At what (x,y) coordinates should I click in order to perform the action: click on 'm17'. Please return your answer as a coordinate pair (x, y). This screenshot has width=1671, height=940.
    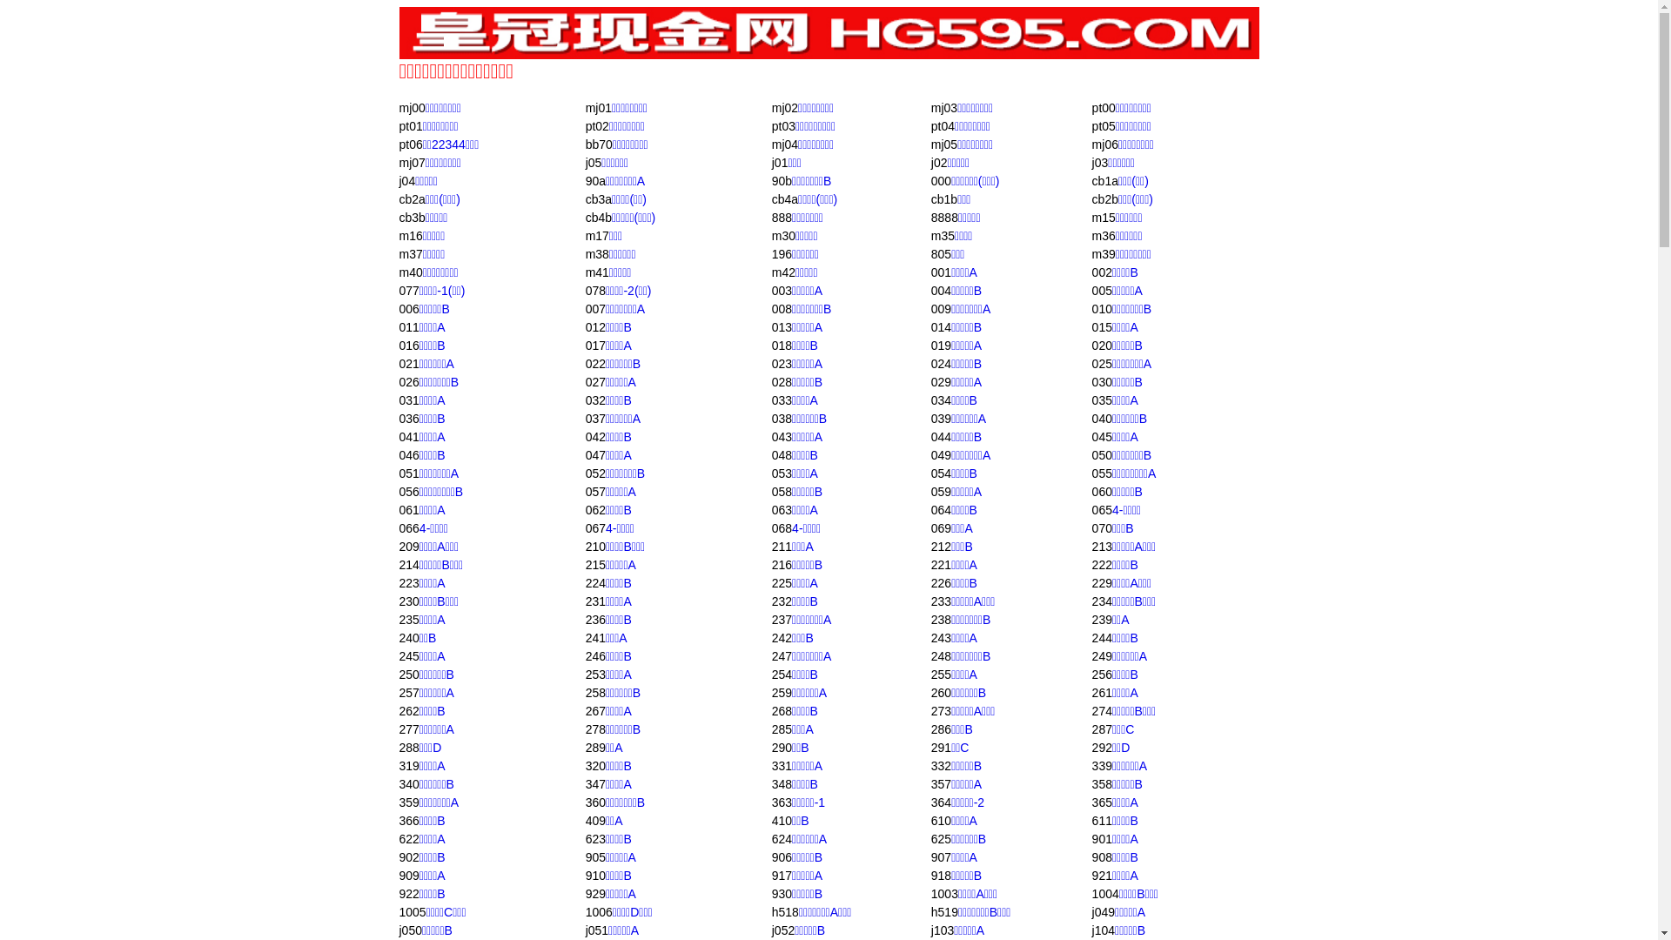
    Looking at the image, I should click on (597, 235).